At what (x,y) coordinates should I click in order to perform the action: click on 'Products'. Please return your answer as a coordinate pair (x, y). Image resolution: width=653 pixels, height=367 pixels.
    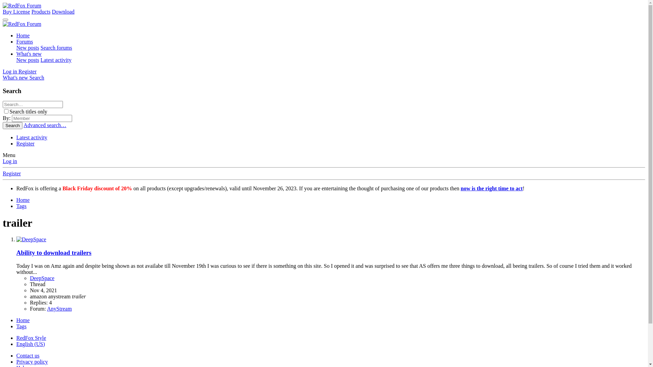
    Looking at the image, I should click on (40, 12).